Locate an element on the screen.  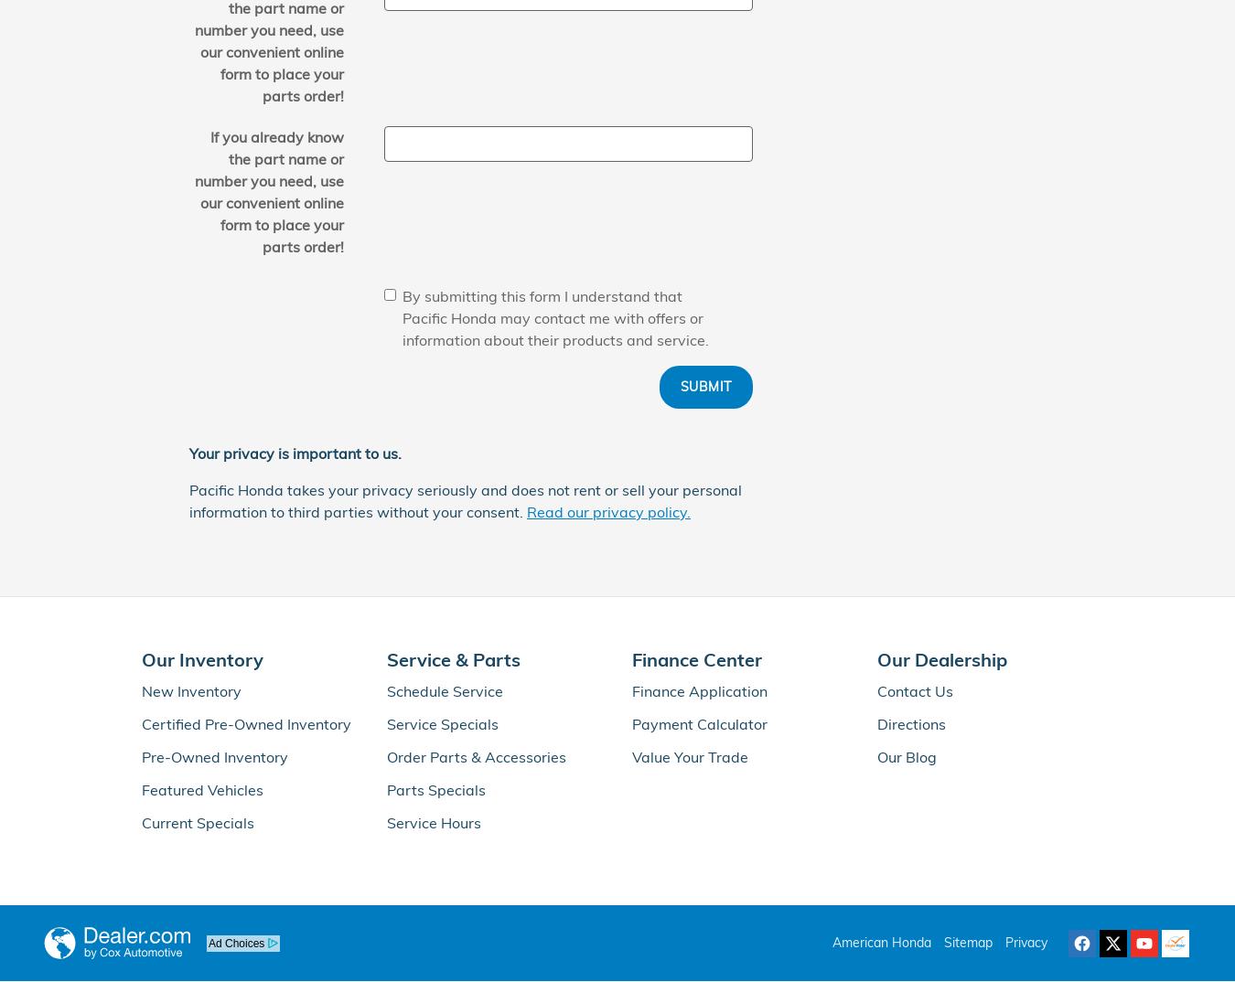
'Privacy' is located at coordinates (1026, 943).